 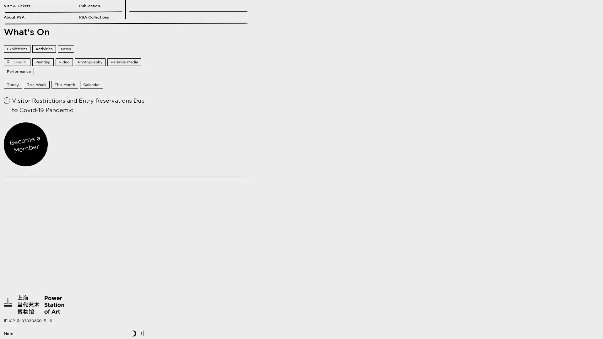 I want to click on Performance, so click(x=19, y=71).